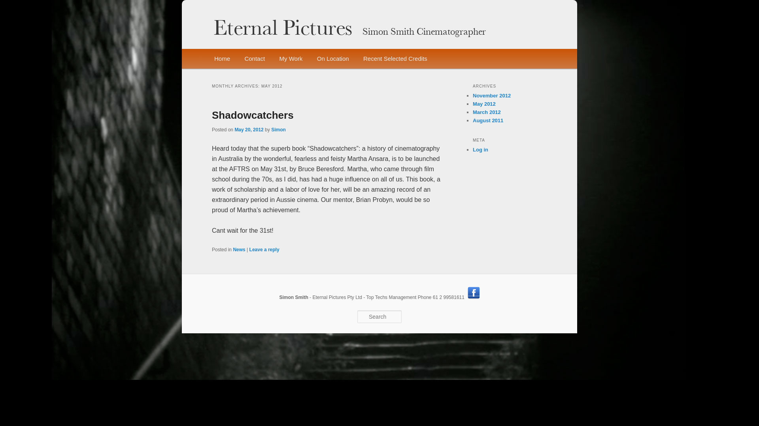 This screenshot has width=759, height=426. Describe the element at coordinates (271, 129) in the screenshot. I see `'Simon'` at that location.